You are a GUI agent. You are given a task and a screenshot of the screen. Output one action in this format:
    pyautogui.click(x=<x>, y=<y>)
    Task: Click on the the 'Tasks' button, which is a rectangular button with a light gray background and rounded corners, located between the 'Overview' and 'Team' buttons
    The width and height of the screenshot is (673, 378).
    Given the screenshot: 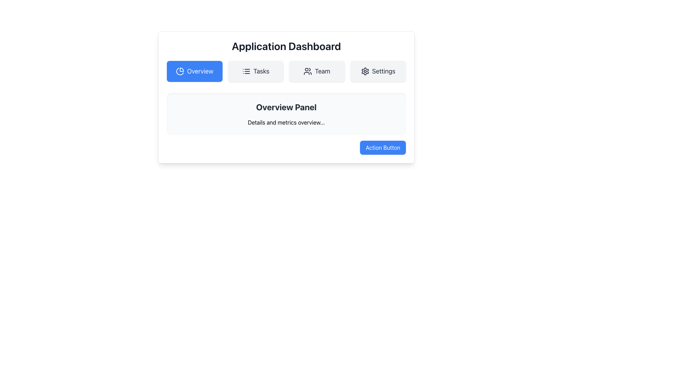 What is the action you would take?
    pyautogui.click(x=255, y=71)
    